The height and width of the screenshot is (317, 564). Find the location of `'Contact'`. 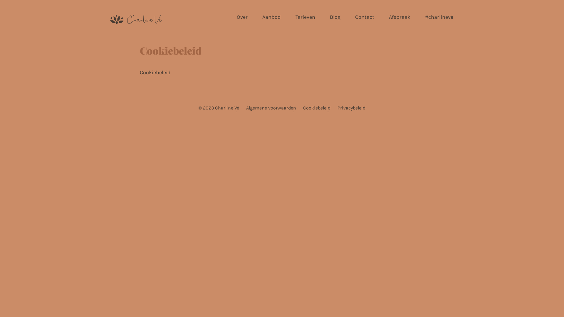

'Contact' is located at coordinates (364, 16).